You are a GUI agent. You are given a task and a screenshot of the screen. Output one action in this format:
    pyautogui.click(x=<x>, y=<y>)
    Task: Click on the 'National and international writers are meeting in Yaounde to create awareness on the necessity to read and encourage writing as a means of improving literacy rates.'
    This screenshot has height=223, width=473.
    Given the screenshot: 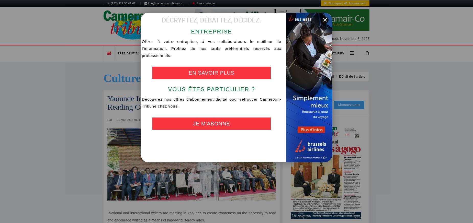 What is the action you would take?
    pyautogui.click(x=192, y=217)
    